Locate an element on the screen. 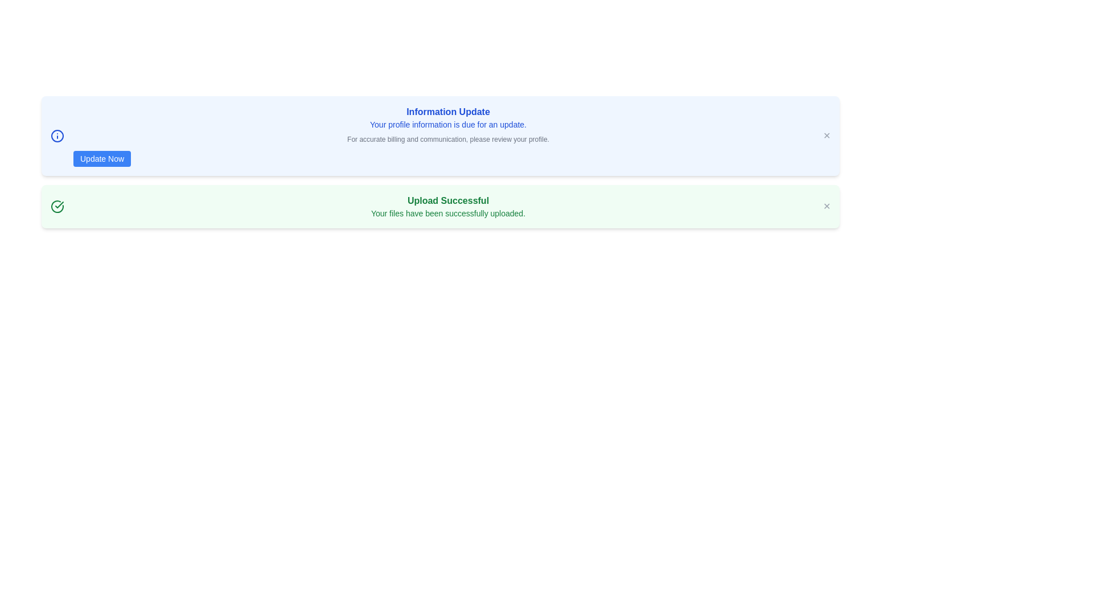 The width and height of the screenshot is (1093, 615). the reminder message prompting the user to review and update their profile information, located beneath the heading 'Information Update' is located at coordinates (447, 125).